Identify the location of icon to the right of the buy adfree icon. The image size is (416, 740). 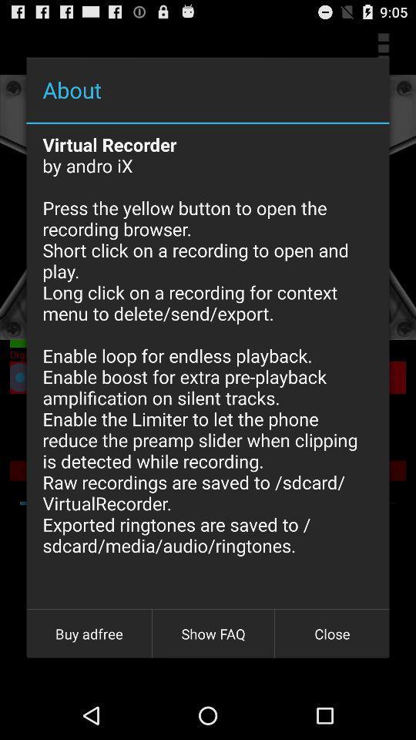
(213, 634).